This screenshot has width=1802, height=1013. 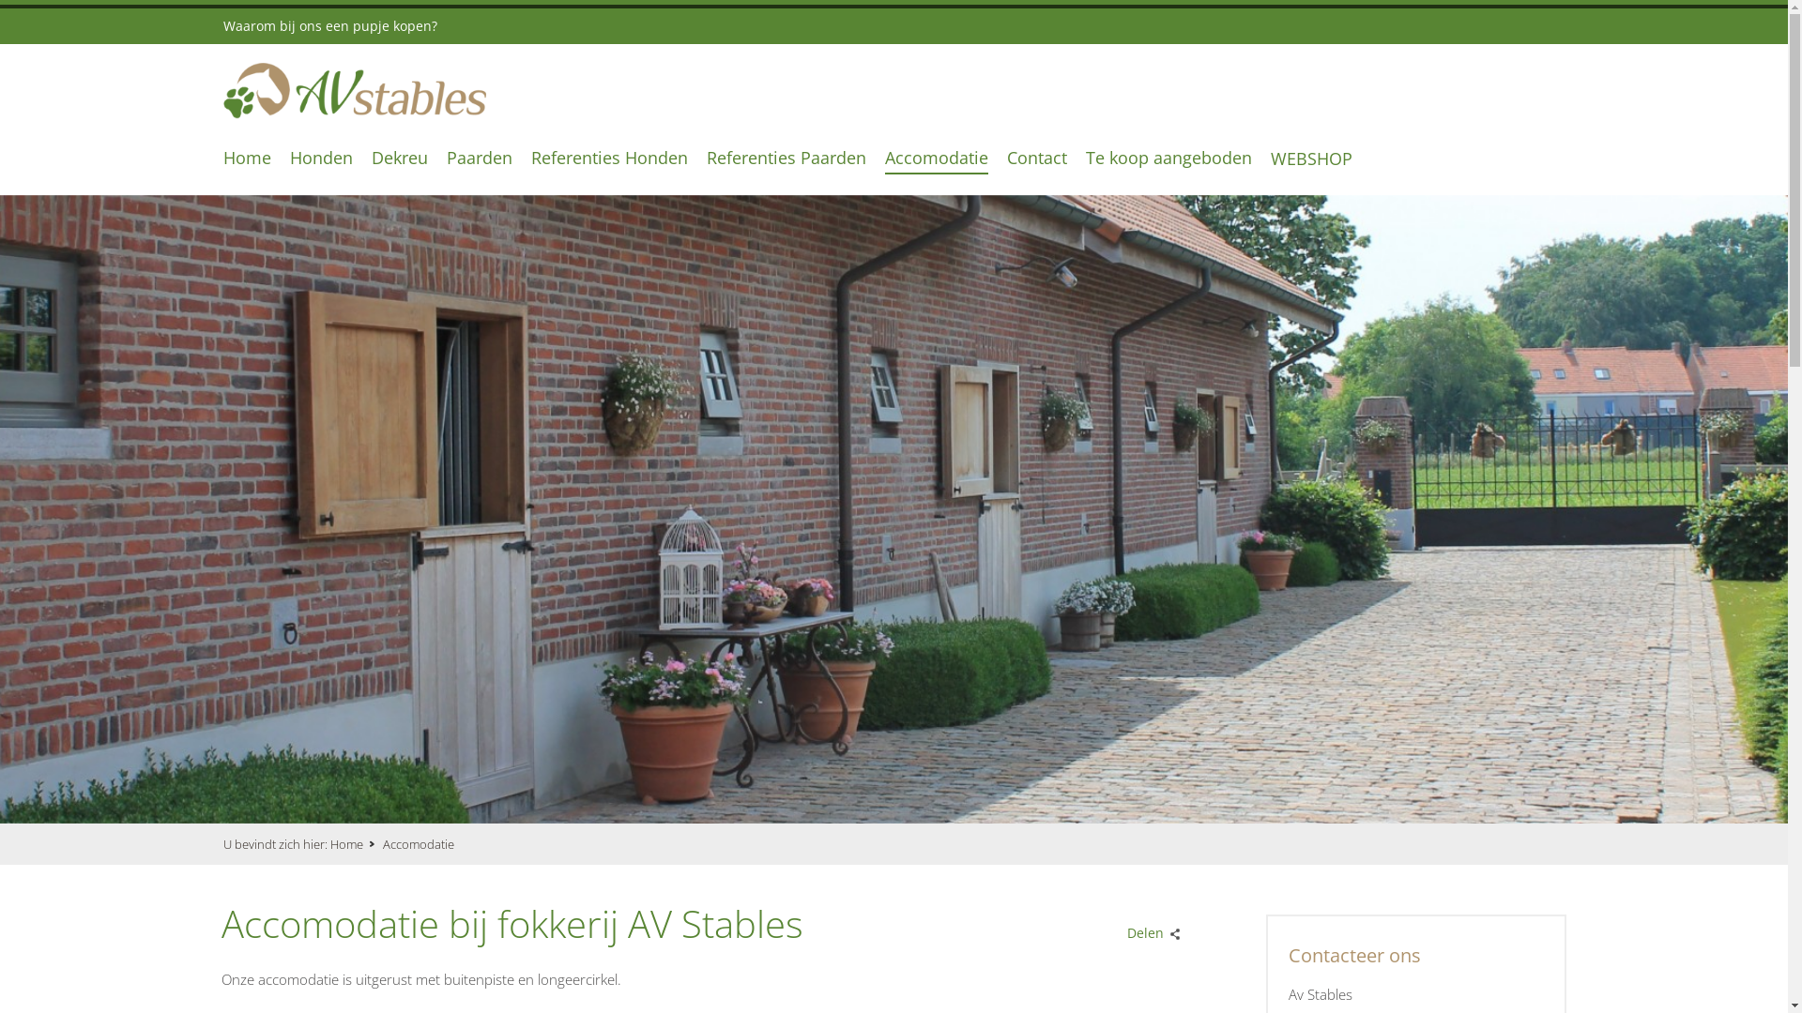 What do you see at coordinates (937, 155) in the screenshot?
I see `'Accomodatie'` at bounding box center [937, 155].